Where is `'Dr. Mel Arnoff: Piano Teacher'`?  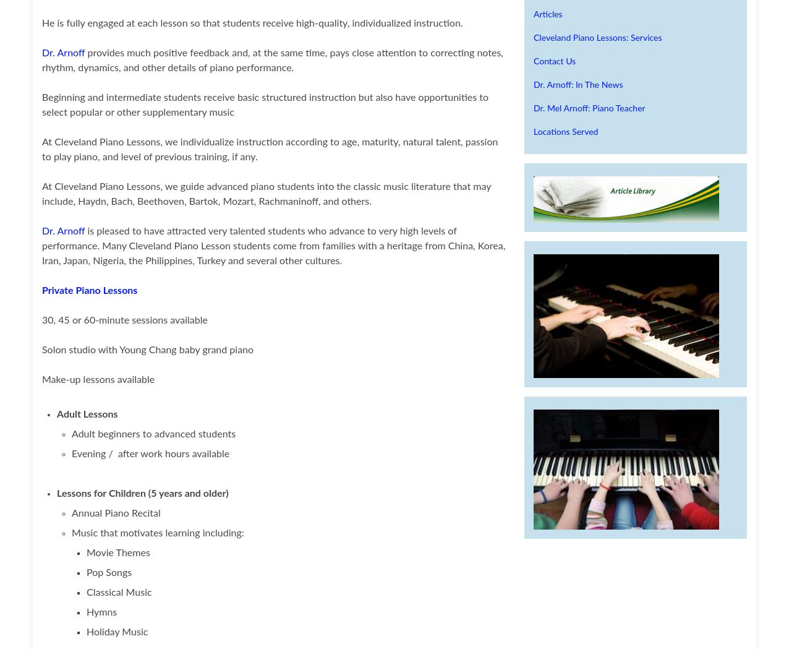
'Dr. Mel Arnoff: Piano Teacher' is located at coordinates (589, 108).